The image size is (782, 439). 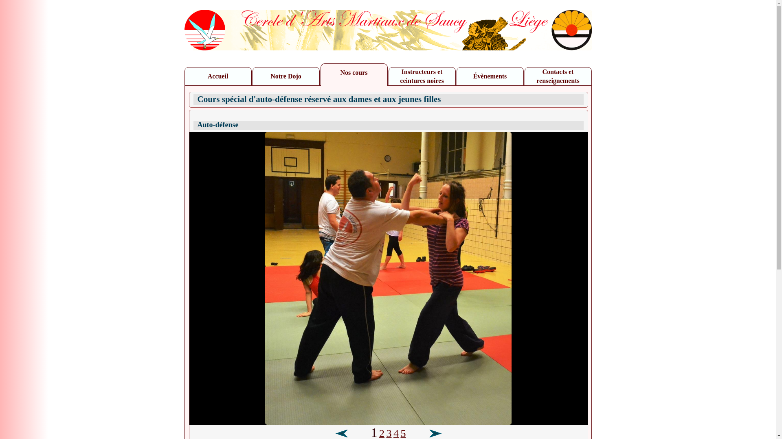 I want to click on 'Accueil', so click(x=185, y=76).